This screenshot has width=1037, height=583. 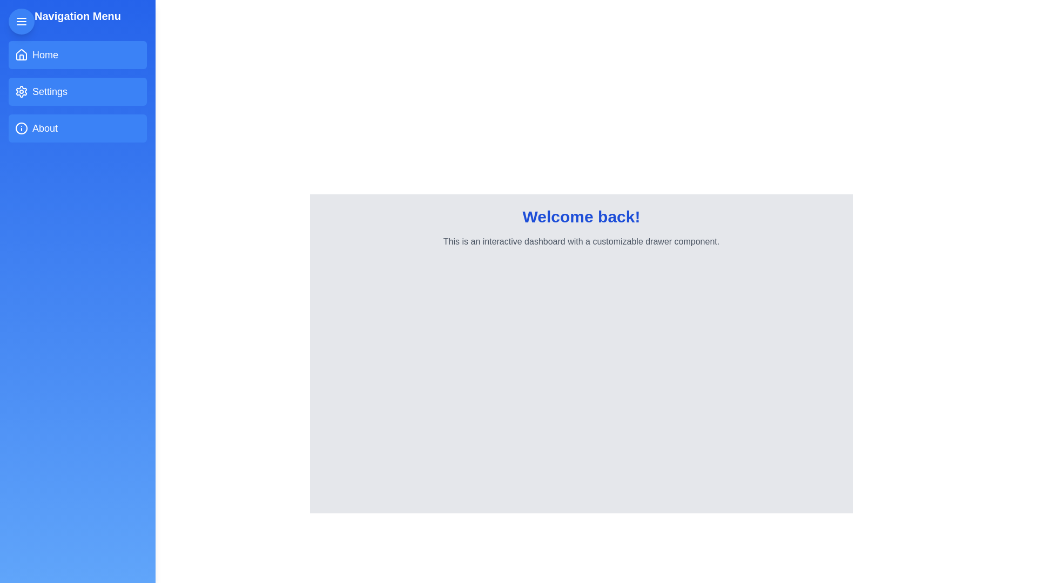 What do you see at coordinates (77, 55) in the screenshot?
I see `the Home item from the navigation menu` at bounding box center [77, 55].